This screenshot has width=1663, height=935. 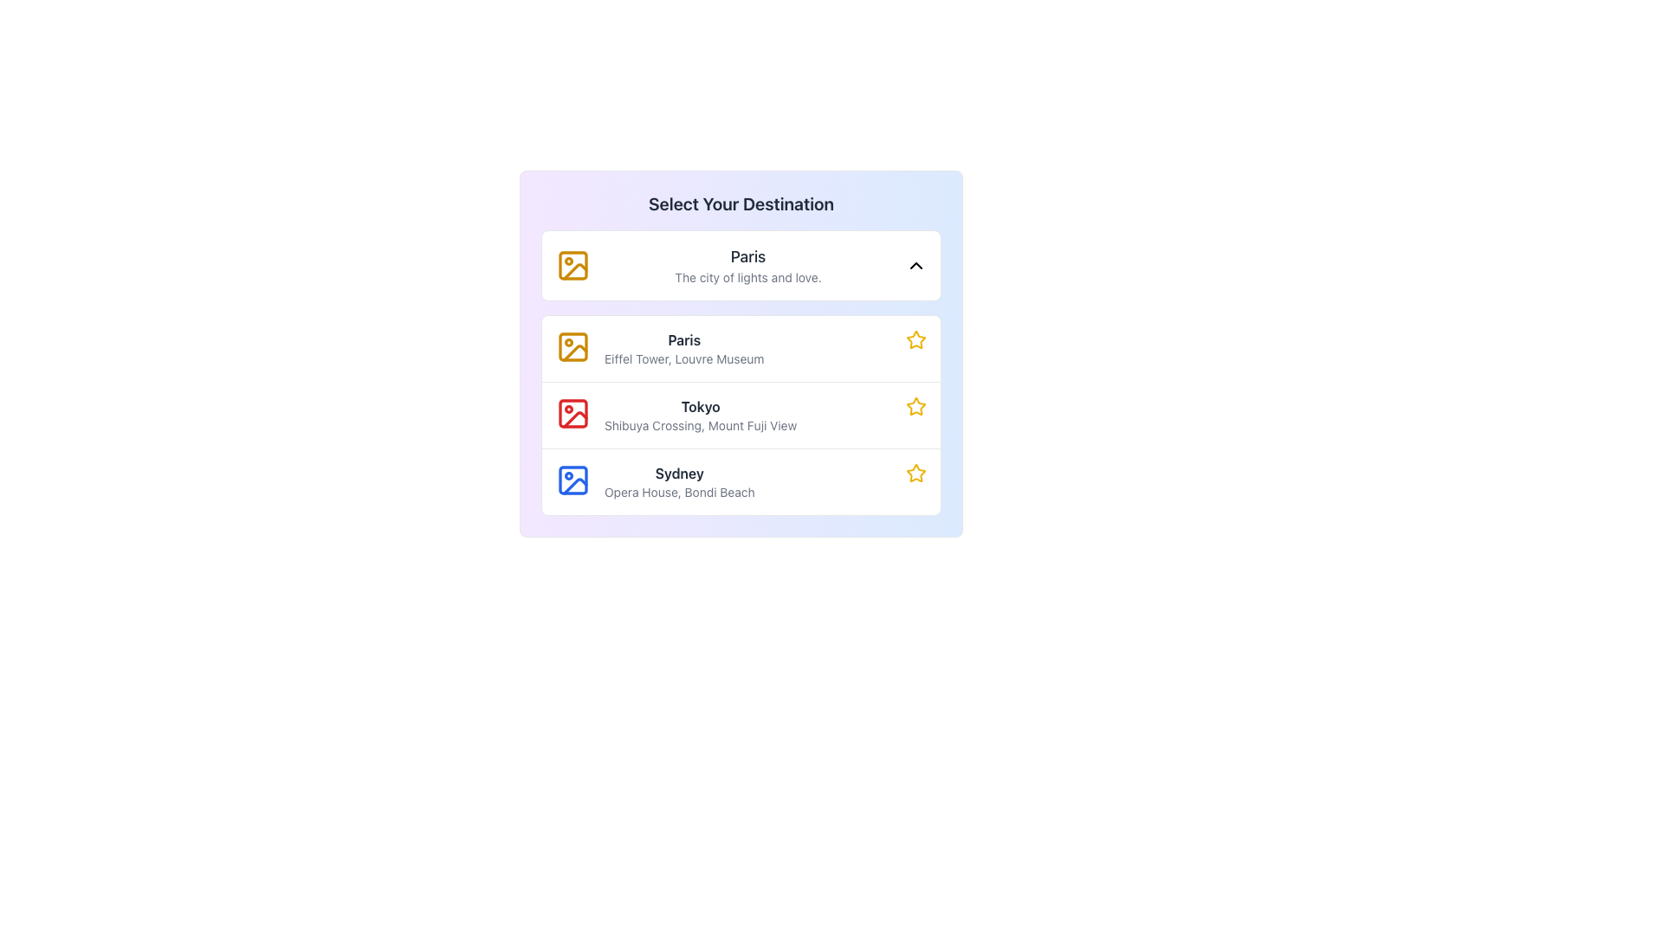 What do you see at coordinates (678, 481) in the screenshot?
I see `the text label displaying 'Sydney' in a vertical list of destinations` at bounding box center [678, 481].